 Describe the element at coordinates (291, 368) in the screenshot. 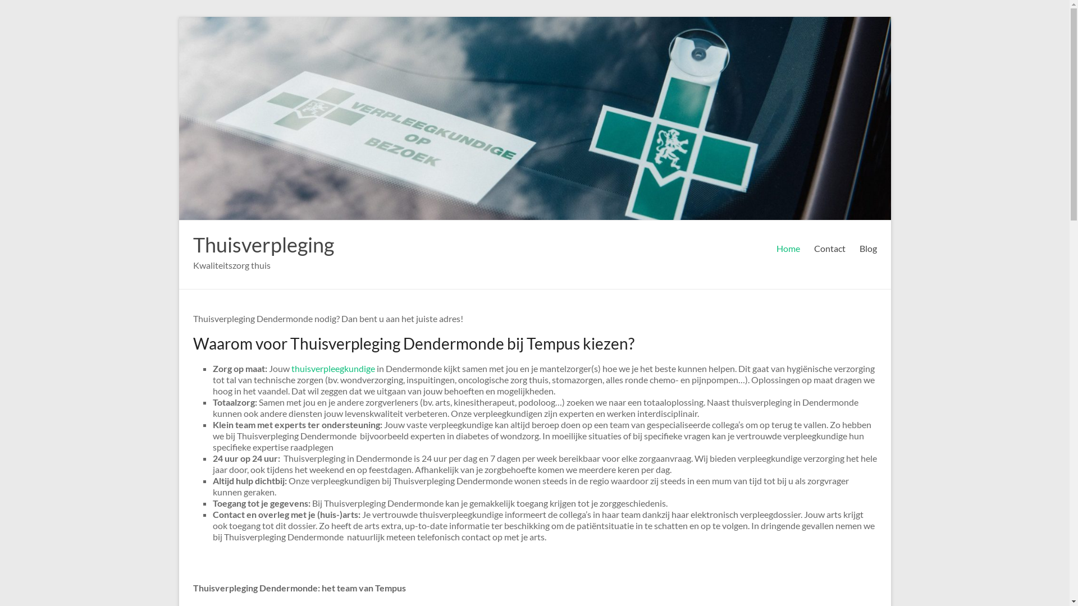

I see `'thuisverpleegkundige'` at that location.